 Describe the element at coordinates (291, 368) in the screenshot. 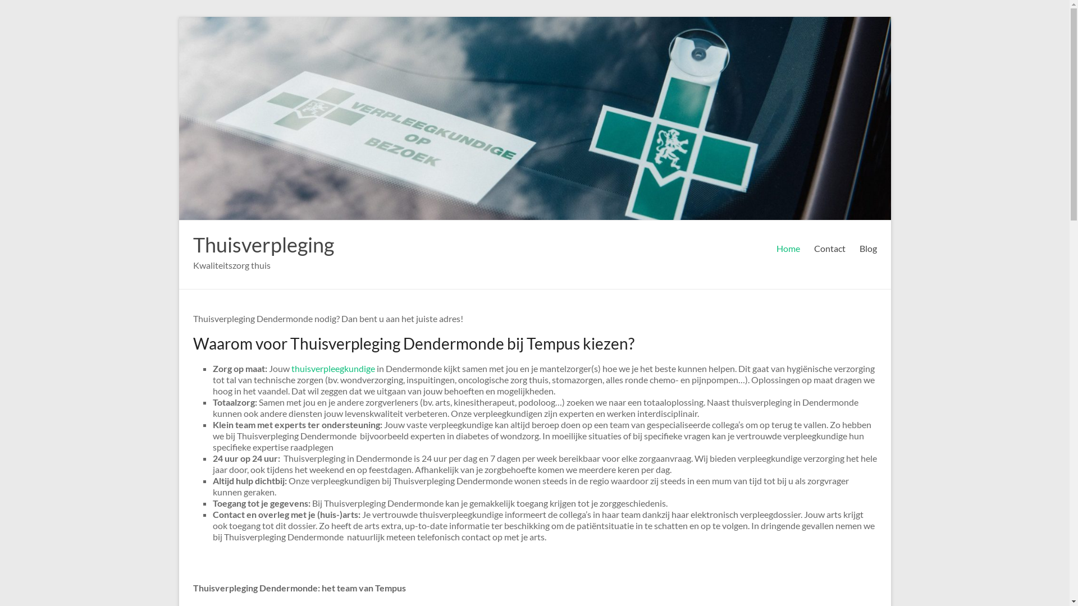

I see `'thuisverpleegkundige'` at that location.